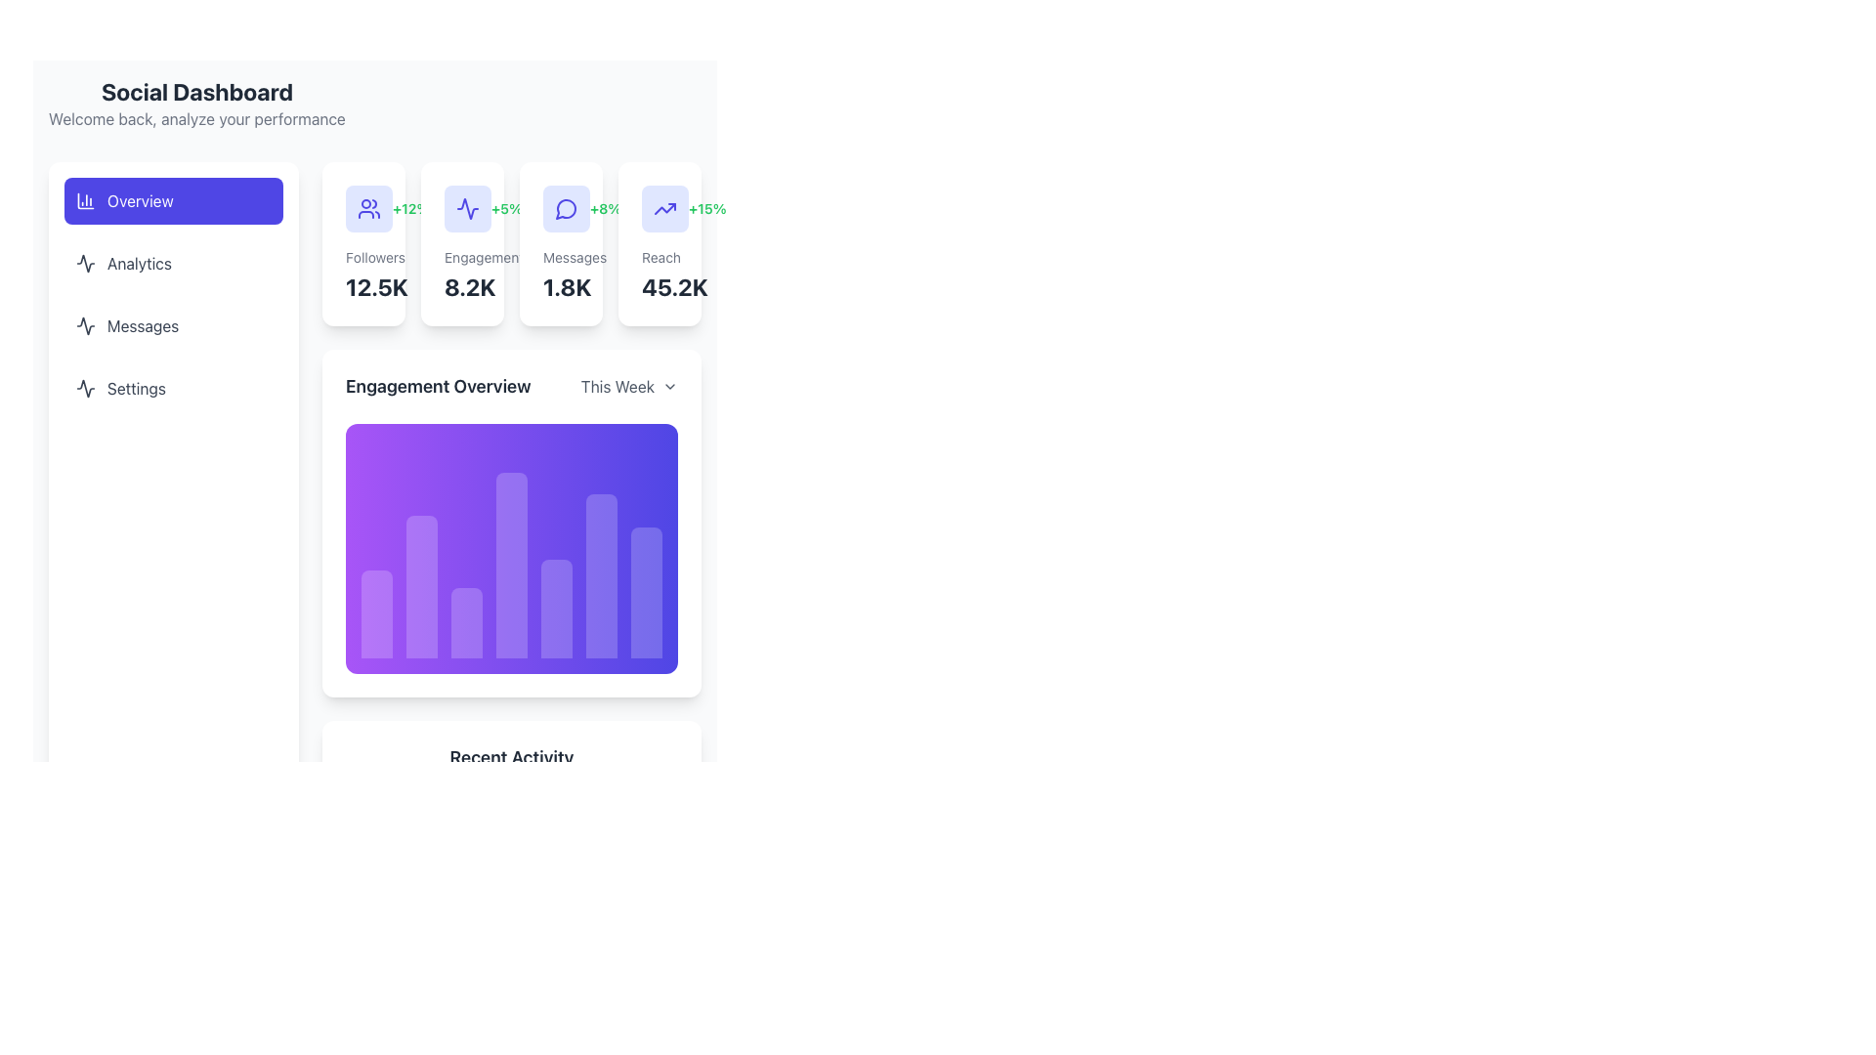  I want to click on the engagement metrics icon located between the 'Followers' box on the left and the 'Messages' box on the right at the top of the dashboard page, so click(461, 208).